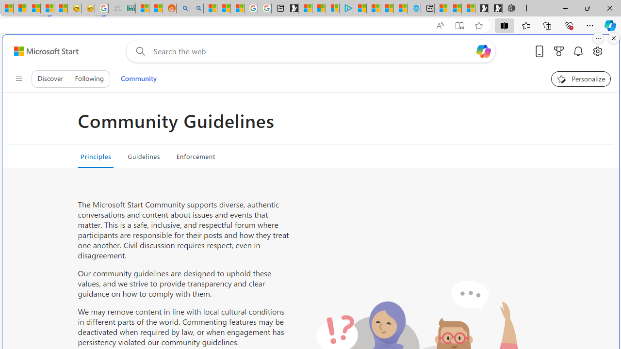 This screenshot has height=349, width=621. What do you see at coordinates (115, 8) in the screenshot?
I see `'Navy Quest'` at bounding box center [115, 8].